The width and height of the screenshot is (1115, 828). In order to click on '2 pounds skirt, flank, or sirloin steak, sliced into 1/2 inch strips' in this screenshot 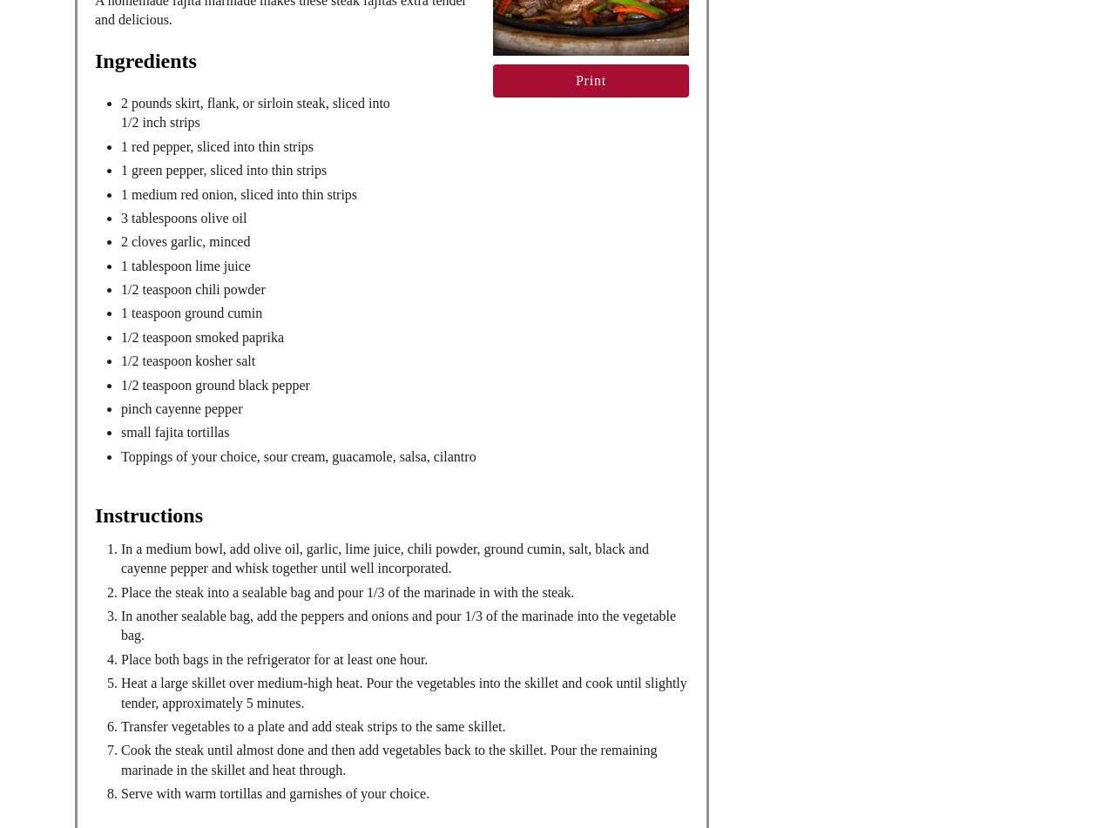, I will do `click(253, 111)`.